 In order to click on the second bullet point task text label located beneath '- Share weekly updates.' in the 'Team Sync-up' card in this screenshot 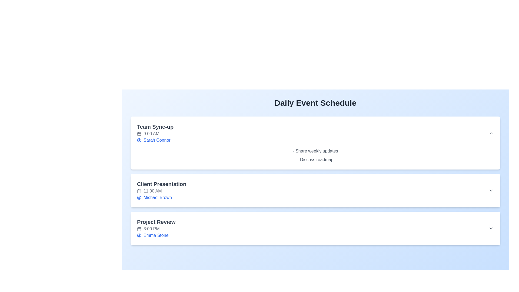, I will do `click(315, 159)`.